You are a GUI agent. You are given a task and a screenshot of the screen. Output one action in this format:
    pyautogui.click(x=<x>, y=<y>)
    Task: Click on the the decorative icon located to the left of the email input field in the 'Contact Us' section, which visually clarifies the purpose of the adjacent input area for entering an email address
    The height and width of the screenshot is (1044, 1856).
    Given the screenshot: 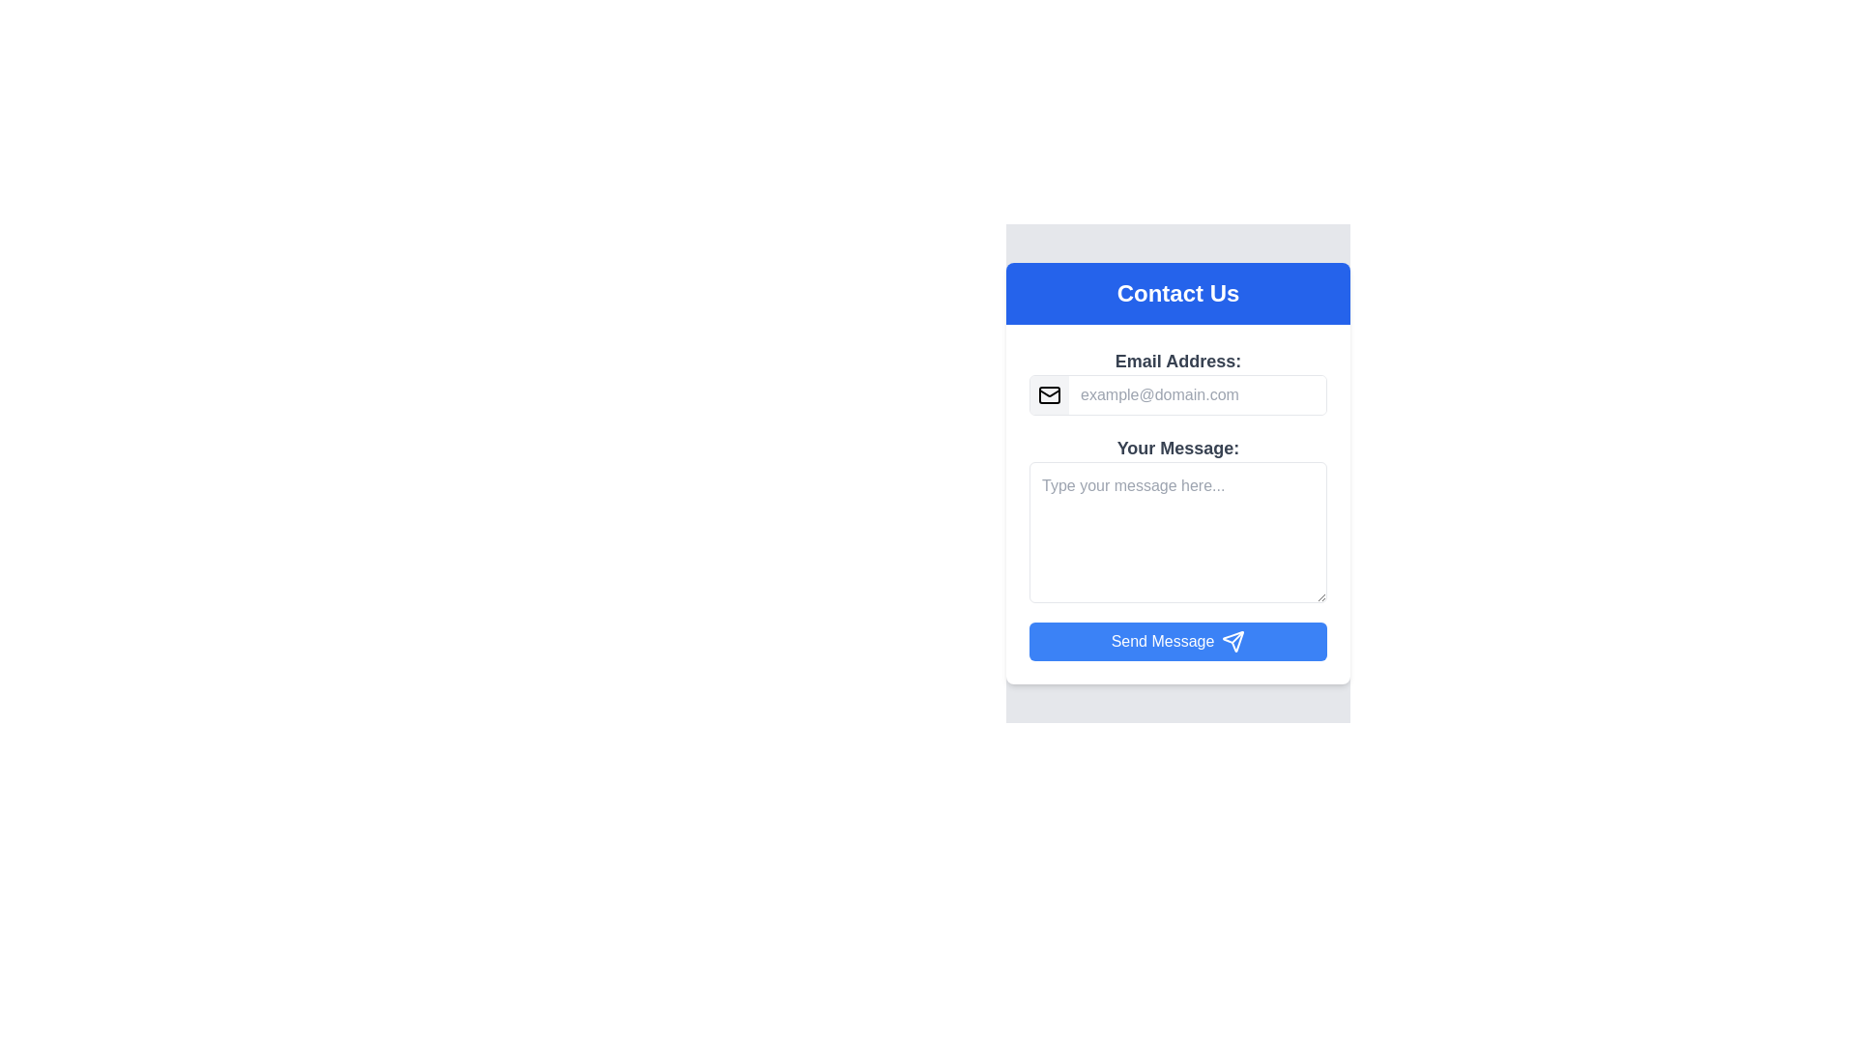 What is the action you would take?
    pyautogui.click(x=1048, y=393)
    